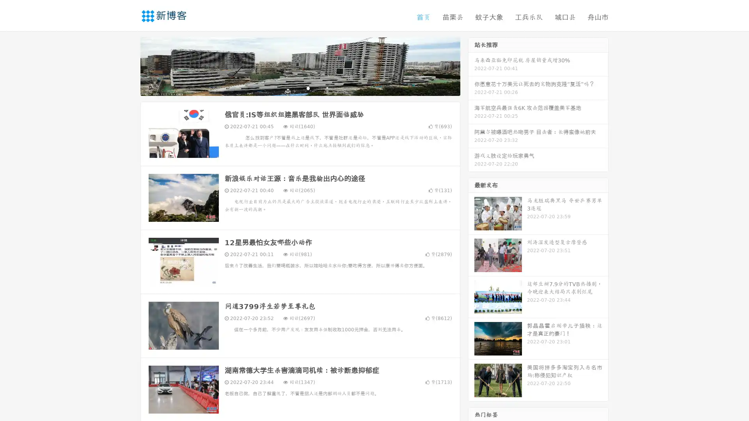 Image resolution: width=749 pixels, height=421 pixels. Describe the element at coordinates (308, 88) in the screenshot. I see `Go to slide 3` at that location.